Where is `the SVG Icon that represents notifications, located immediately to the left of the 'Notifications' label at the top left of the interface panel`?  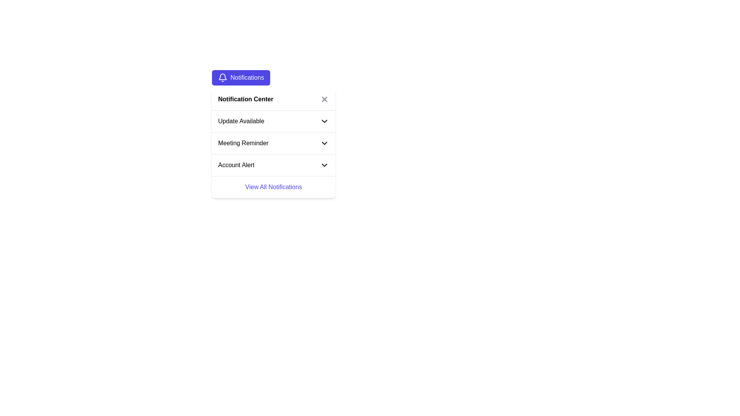 the SVG Icon that represents notifications, located immediately to the left of the 'Notifications' label at the top left of the interface panel is located at coordinates (222, 77).